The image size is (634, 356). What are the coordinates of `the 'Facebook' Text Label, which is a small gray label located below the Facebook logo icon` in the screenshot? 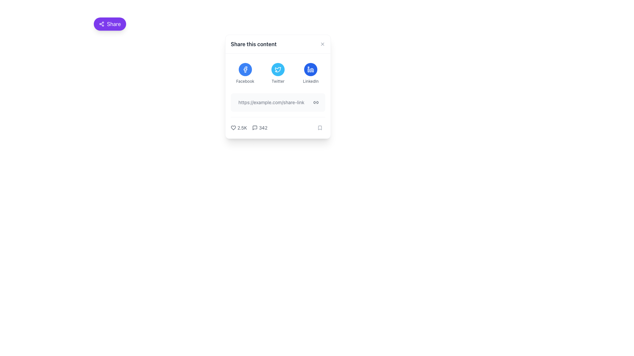 It's located at (245, 81).